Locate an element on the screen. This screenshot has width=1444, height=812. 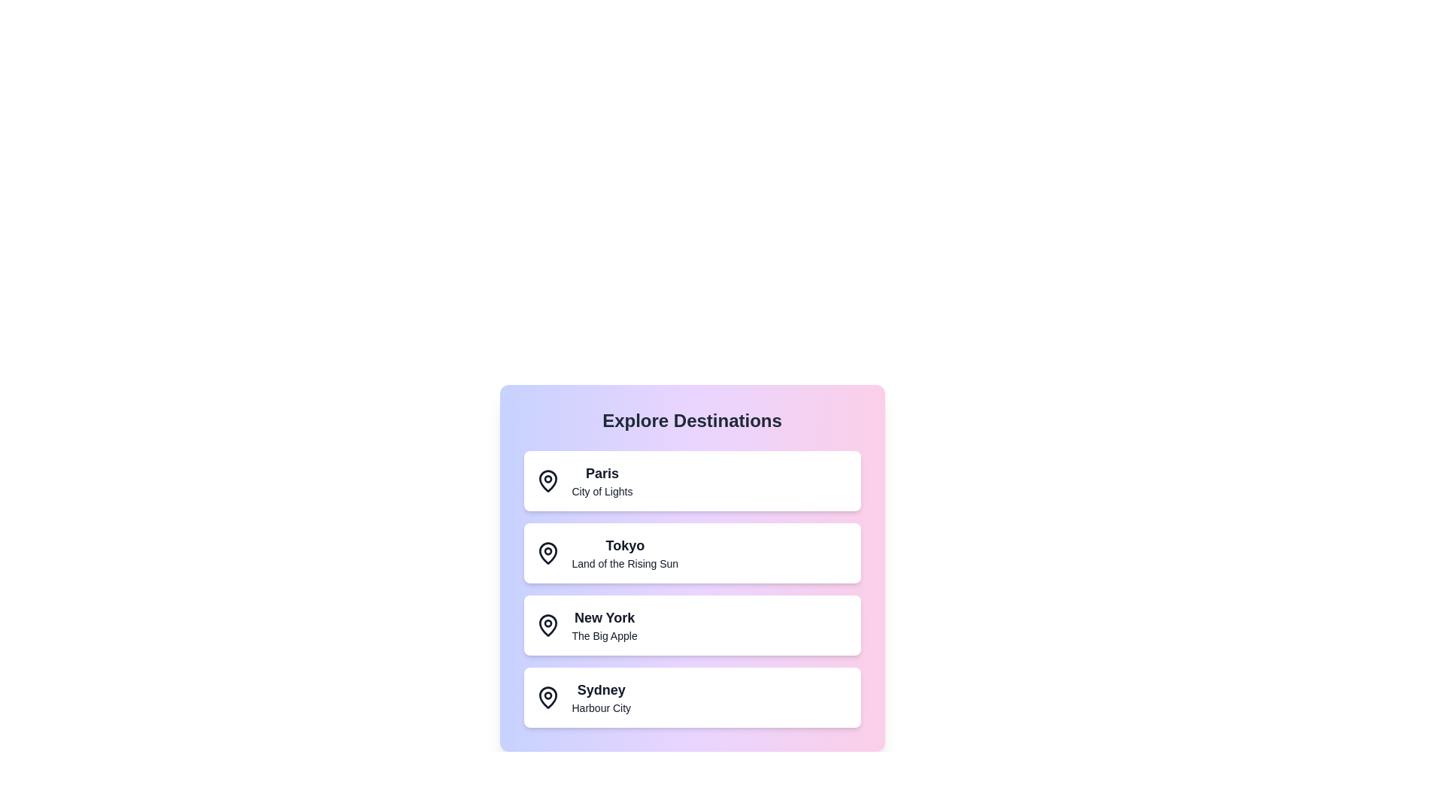
the destination panel corresponding to Tokyo is located at coordinates (691, 553).